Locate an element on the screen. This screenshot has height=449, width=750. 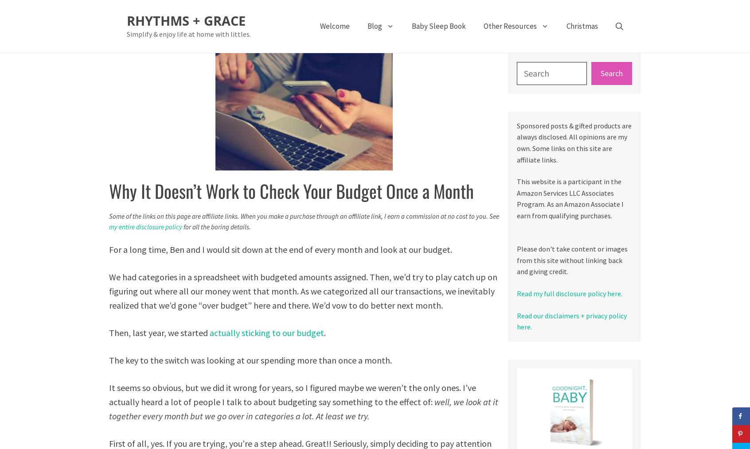
'Why It Doesn’t Work to Check Your Budget Once a Month' is located at coordinates (291, 190).